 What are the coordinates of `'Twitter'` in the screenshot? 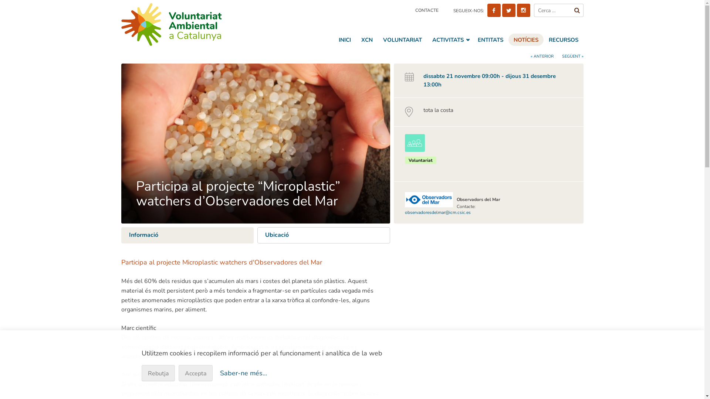 It's located at (508, 10).